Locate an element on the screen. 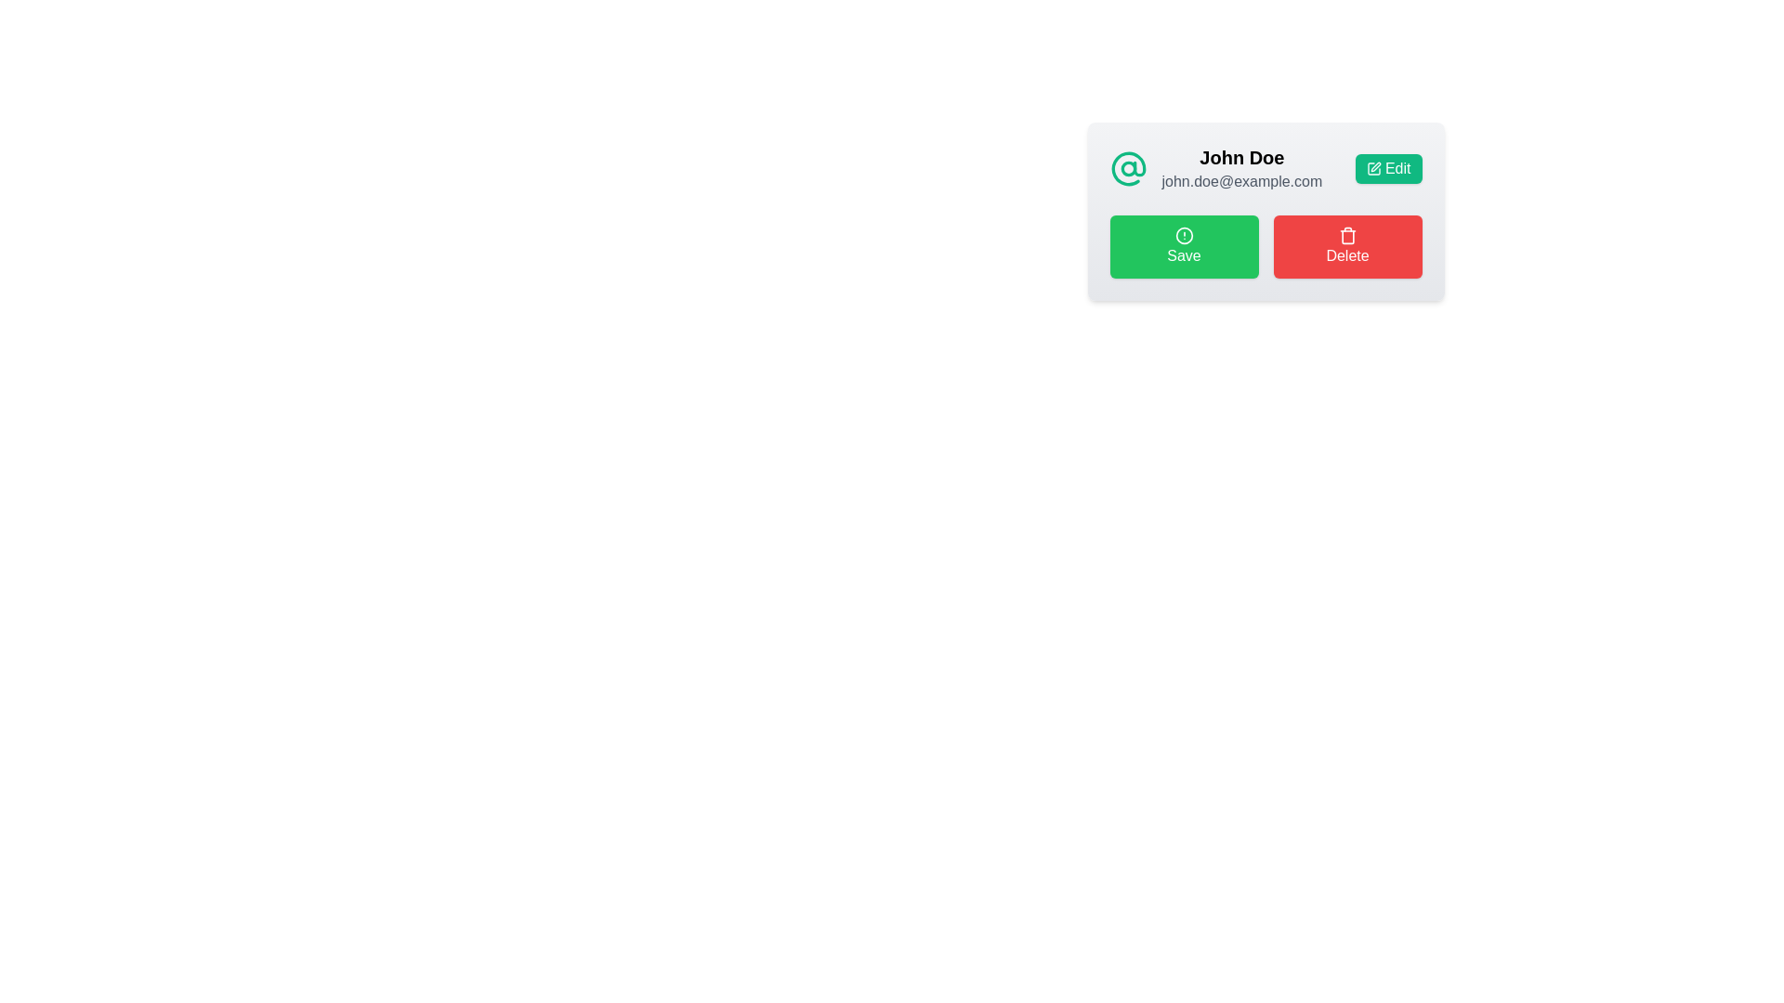  the center section of the trash can icon representing the 'Delete' button is located at coordinates (1347, 236).